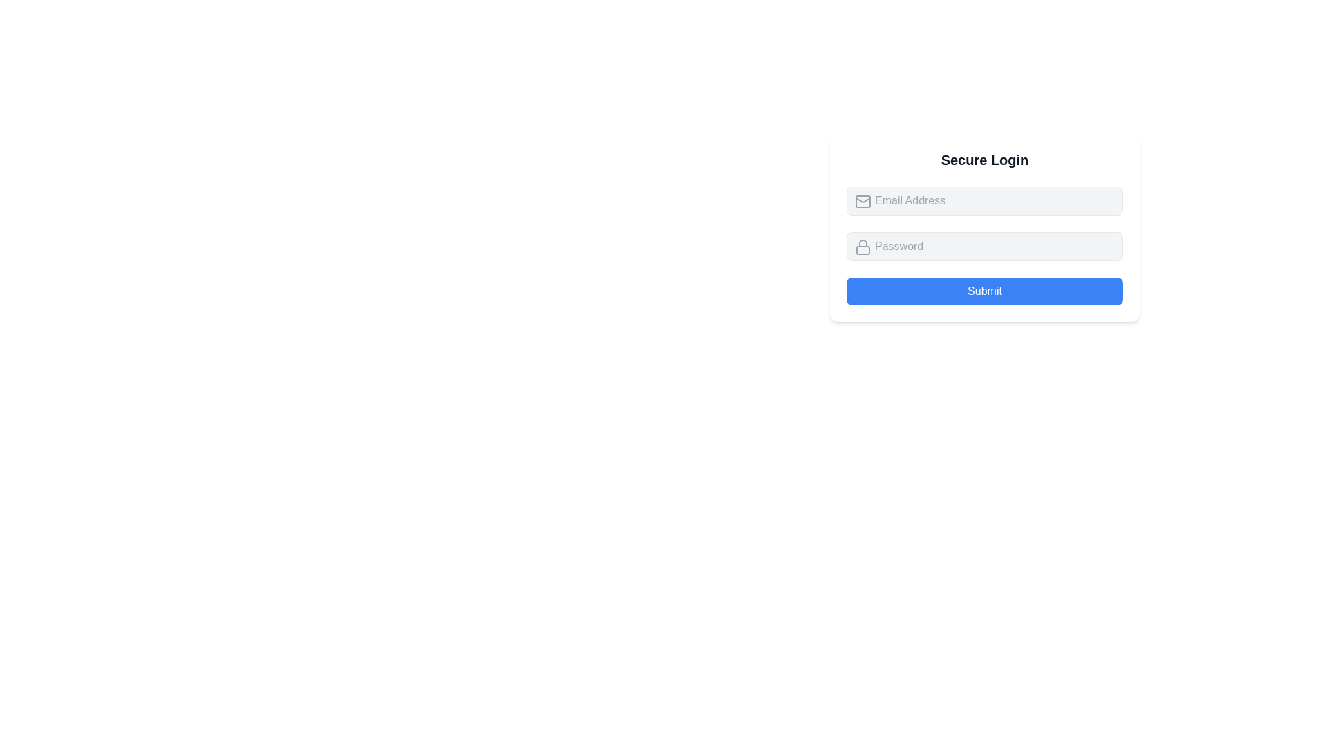 The image size is (1327, 746). What do you see at coordinates (984, 290) in the screenshot?
I see `the rectangular blue 'Submit' button with rounded corners to observe its visual hover effect` at bounding box center [984, 290].